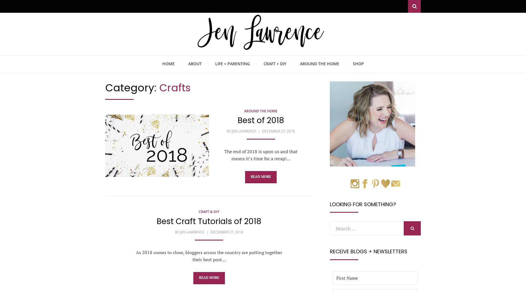 The width and height of the screenshot is (526, 293). I want to click on 'Crafts', so click(175, 87).